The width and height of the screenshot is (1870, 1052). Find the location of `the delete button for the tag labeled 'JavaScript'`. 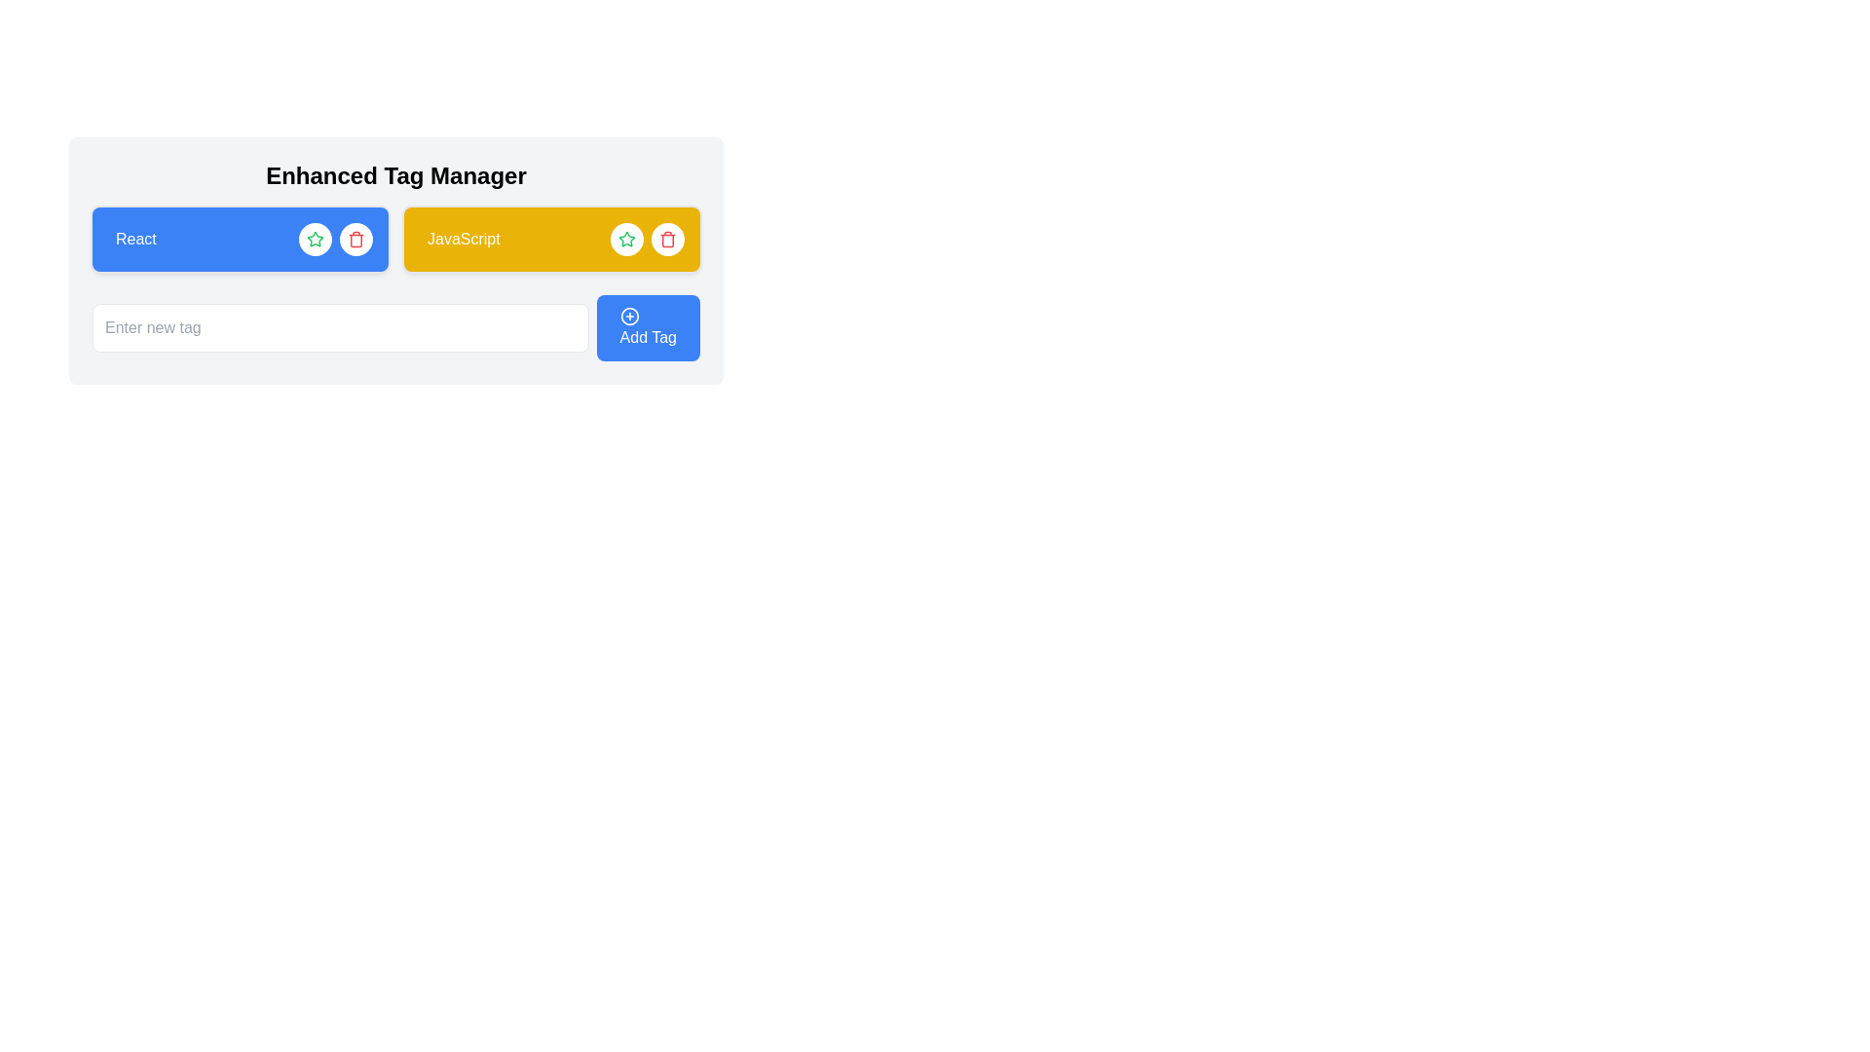

the delete button for the tag labeled 'JavaScript' is located at coordinates (668, 239).